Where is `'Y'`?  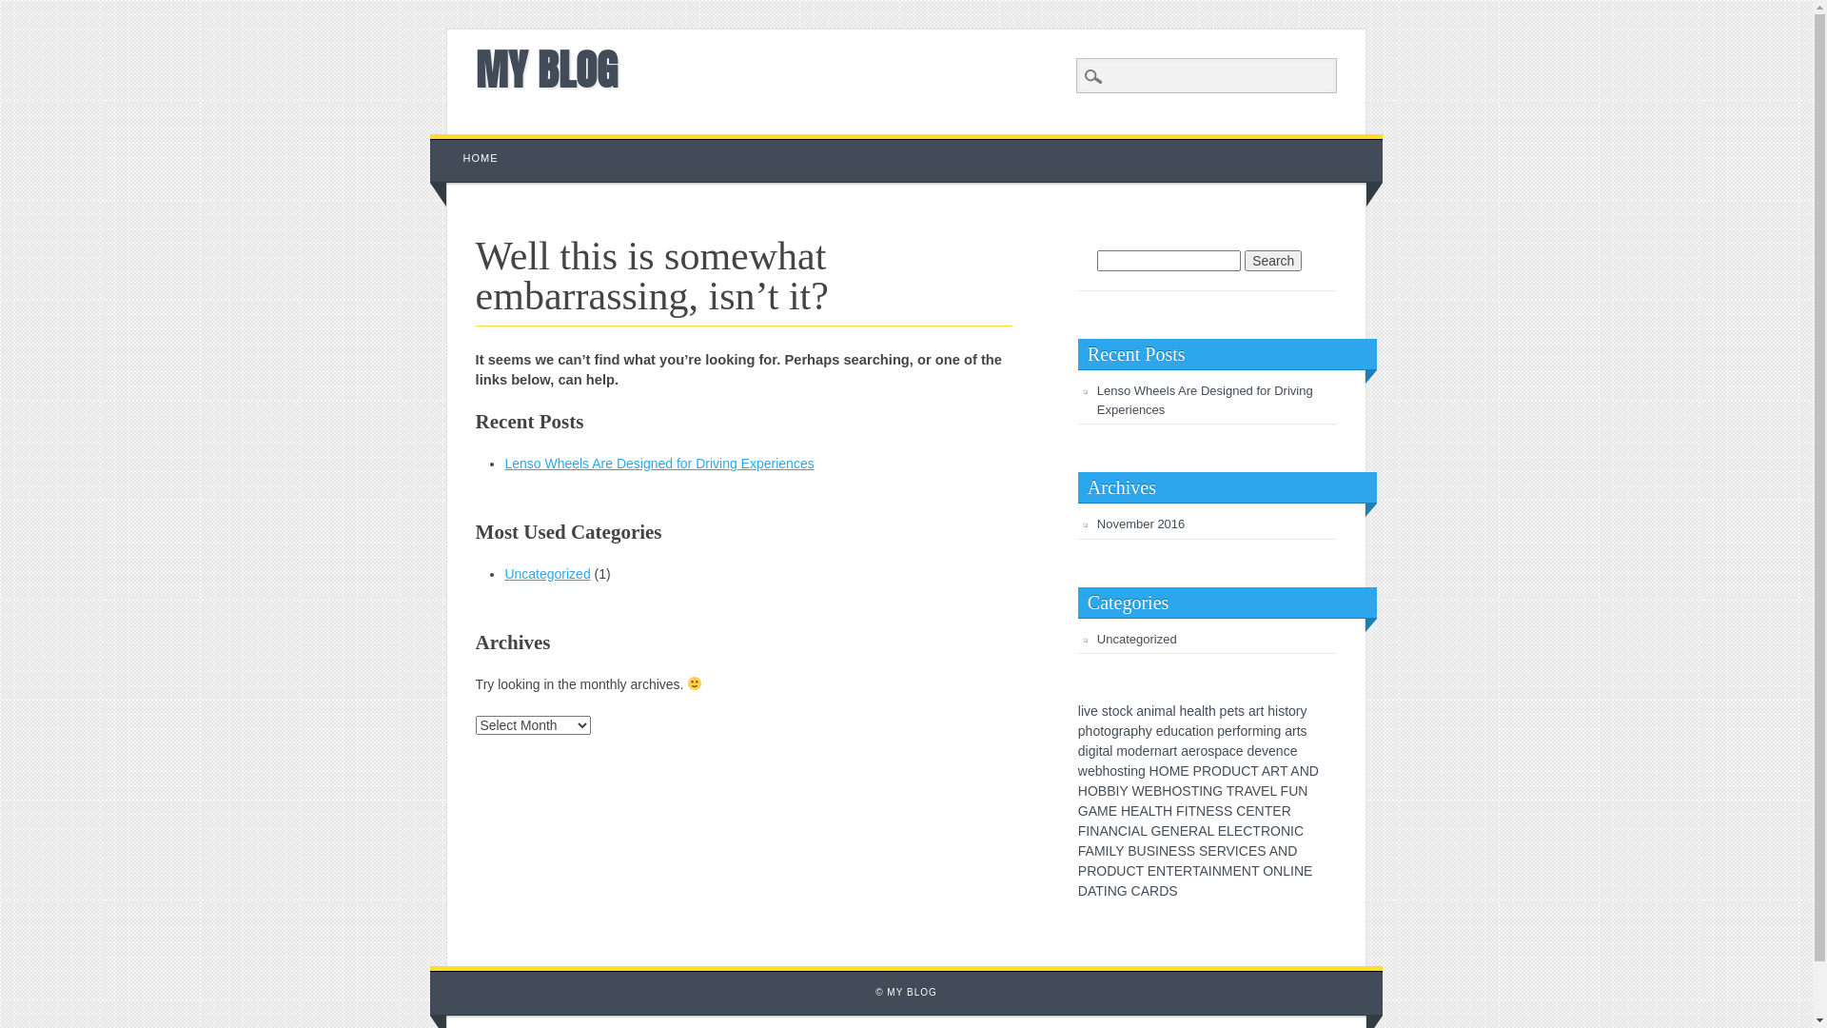 'Y' is located at coordinates (1123, 790).